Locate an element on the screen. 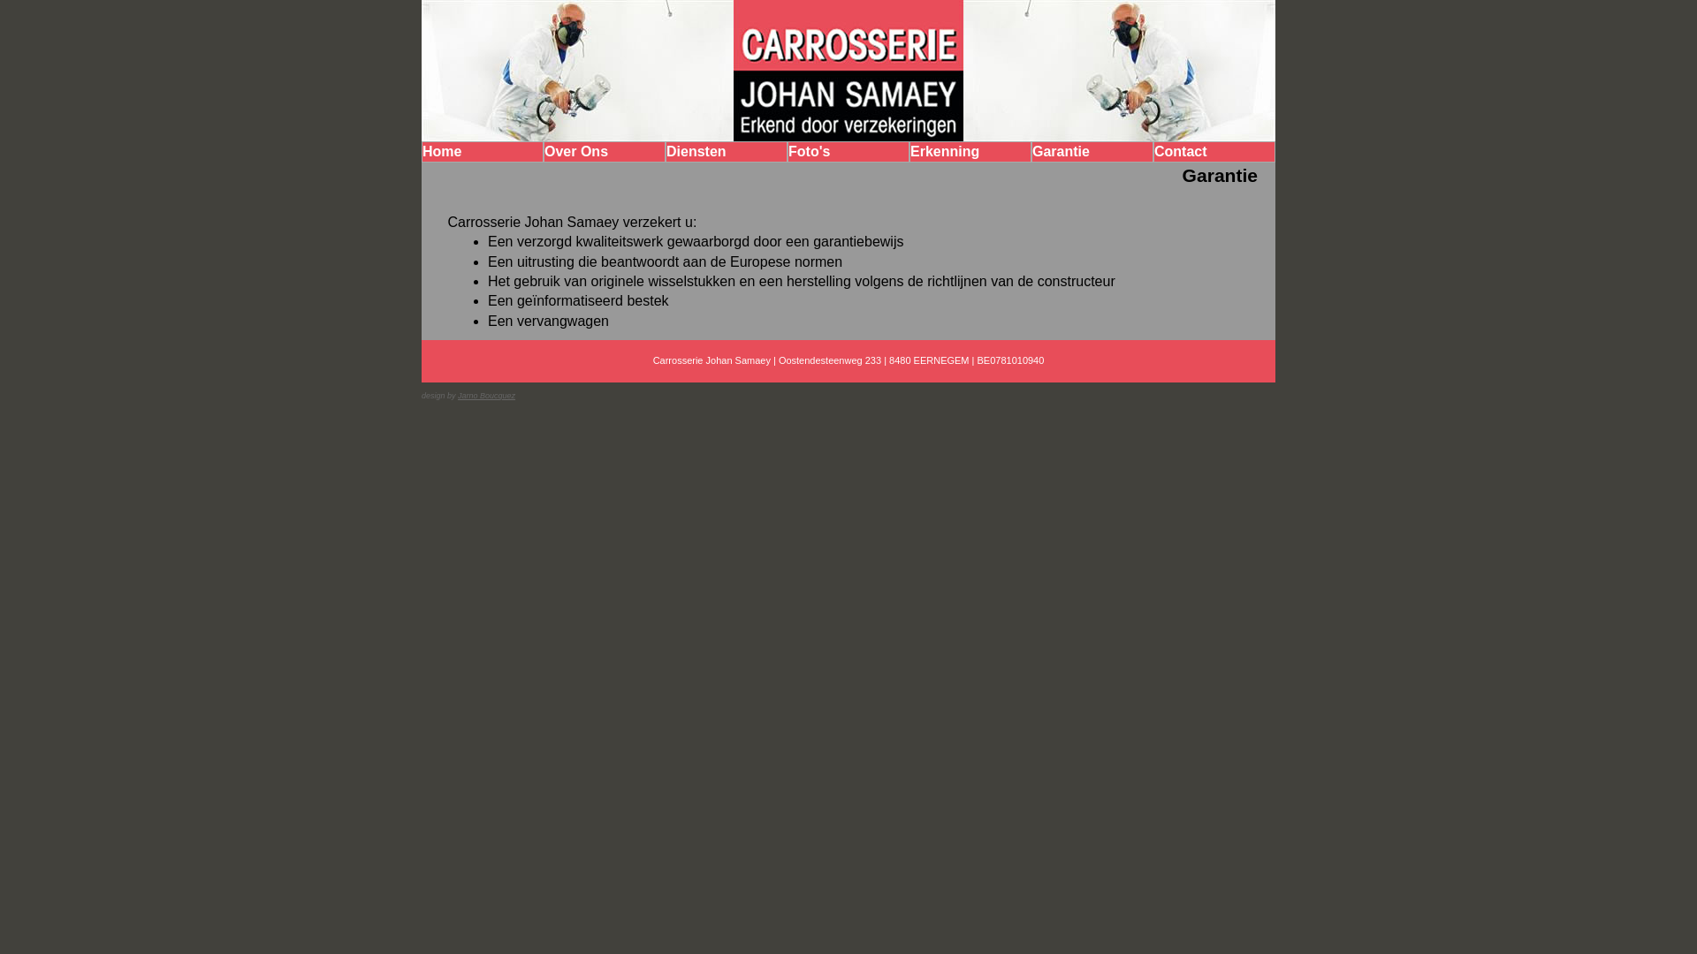 The image size is (1697, 954). 'Foto's' is located at coordinates (848, 151).